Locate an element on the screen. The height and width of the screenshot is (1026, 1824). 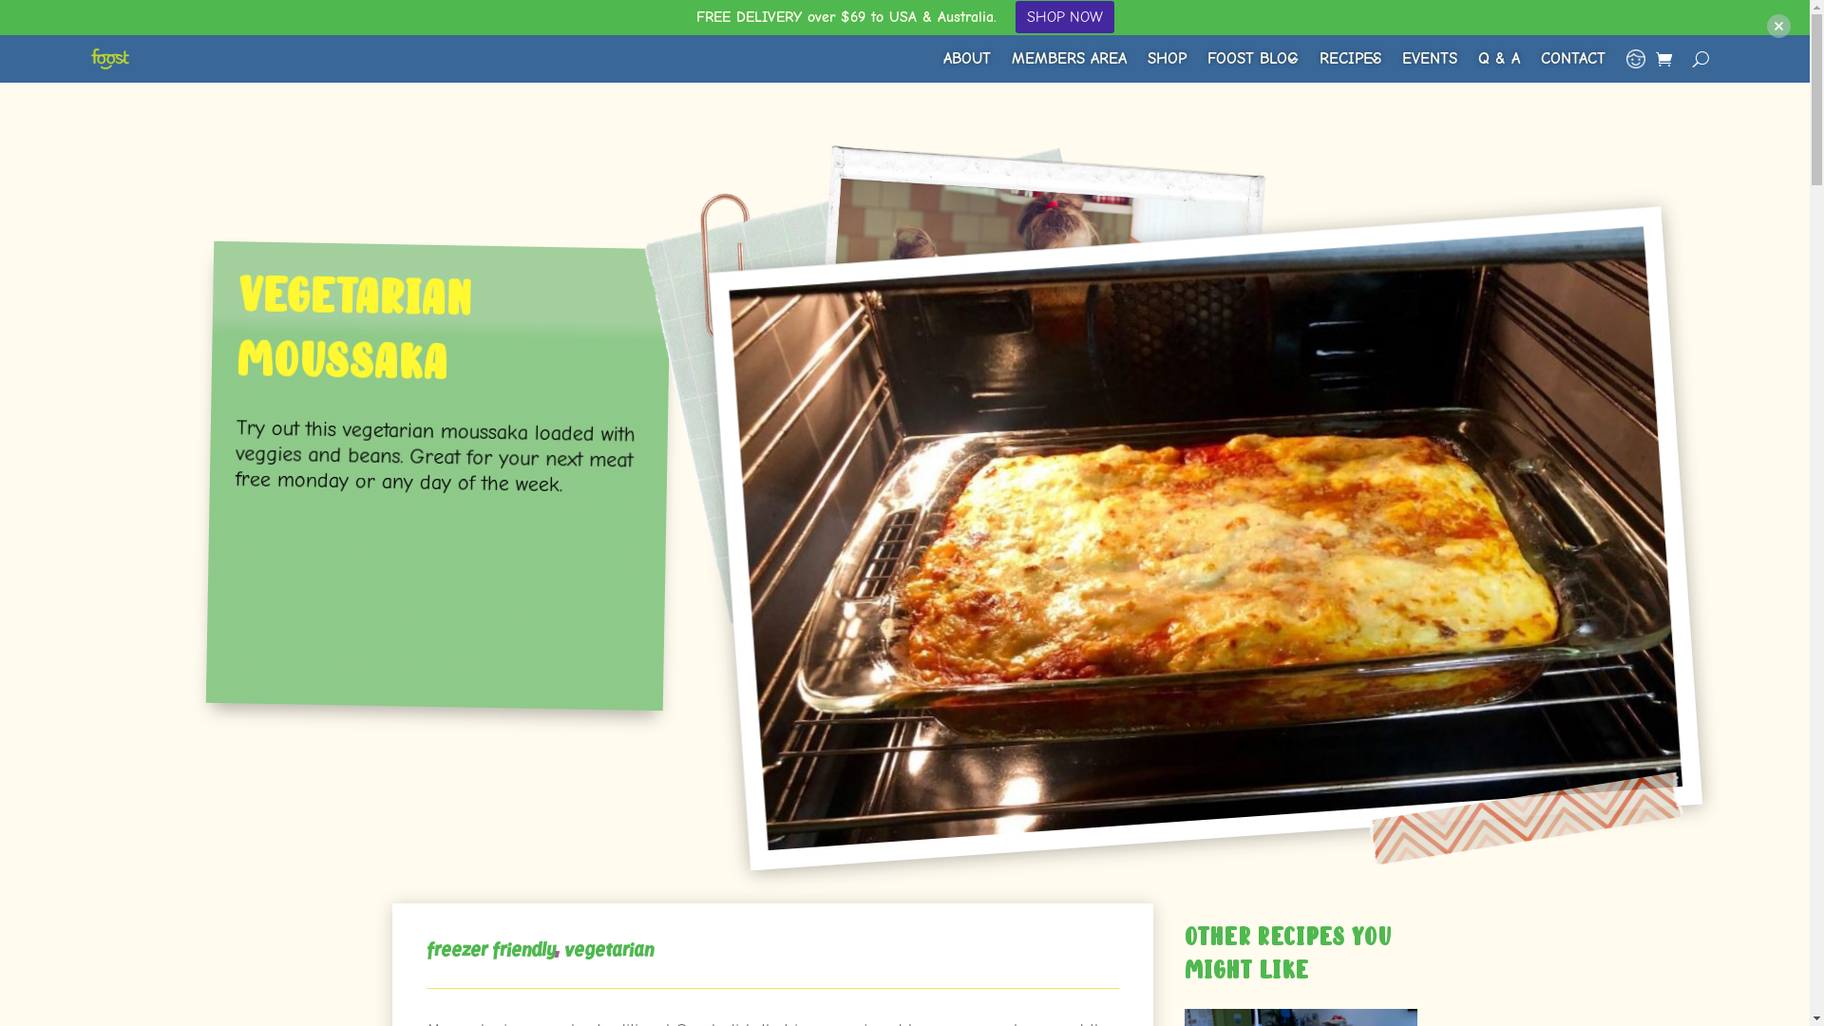
'SHOP' is located at coordinates (1166, 57).